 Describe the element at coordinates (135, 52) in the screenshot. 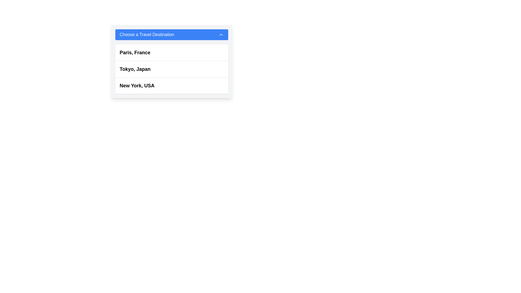

I see `the text label 'Paris, France'` at that location.